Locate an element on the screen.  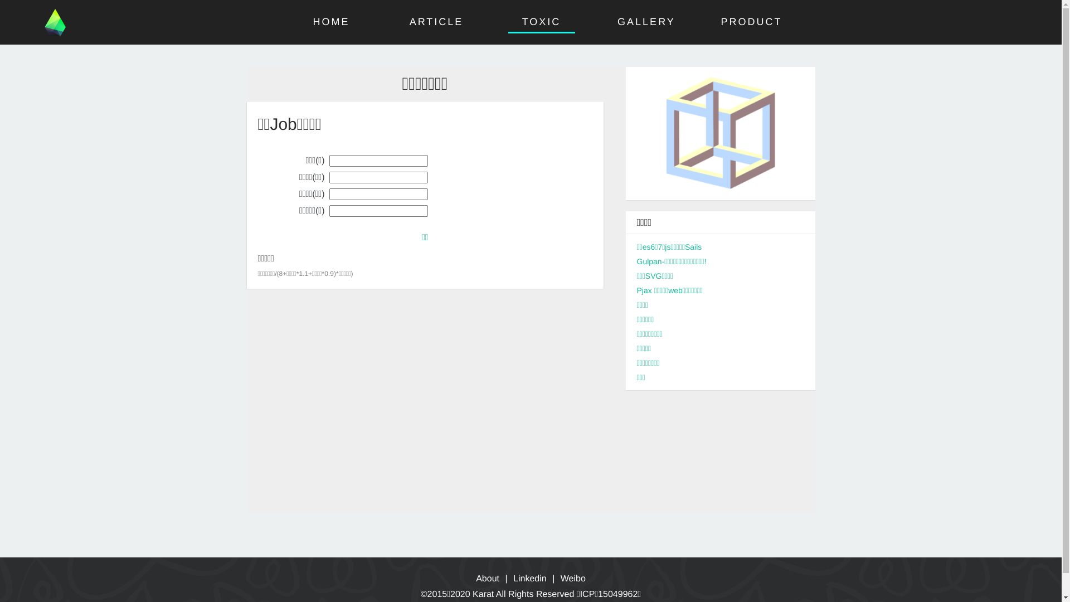
'TOXIC' is located at coordinates (521, 21).